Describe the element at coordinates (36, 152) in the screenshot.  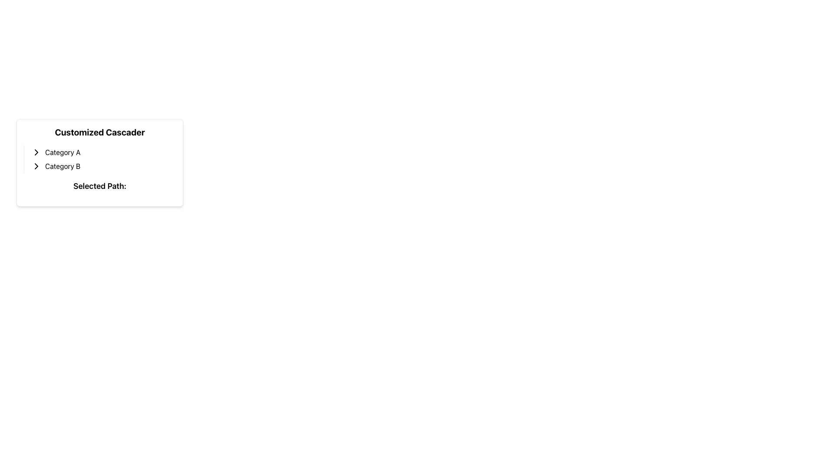
I see `the rightward Chevron icon located above the 'Category A' label in the 'Customized Cascader' section` at that location.